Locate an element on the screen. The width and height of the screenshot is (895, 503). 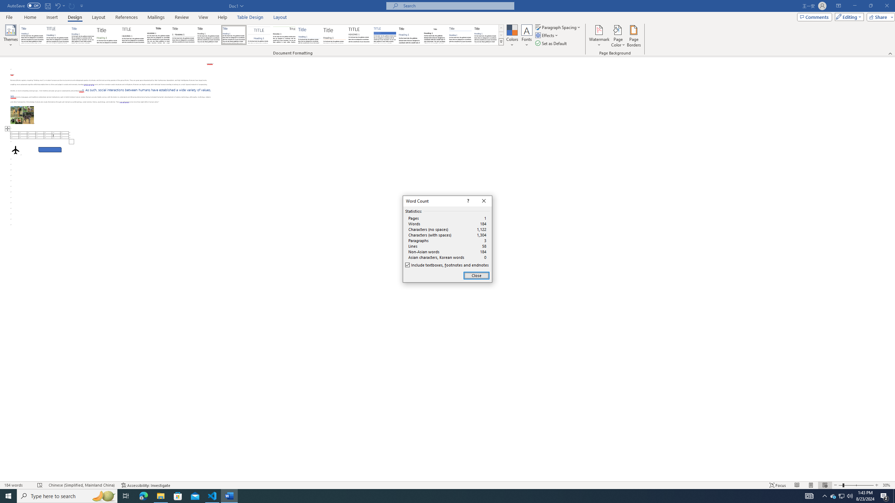
'Basic (Simple)' is located at coordinates (83, 35).